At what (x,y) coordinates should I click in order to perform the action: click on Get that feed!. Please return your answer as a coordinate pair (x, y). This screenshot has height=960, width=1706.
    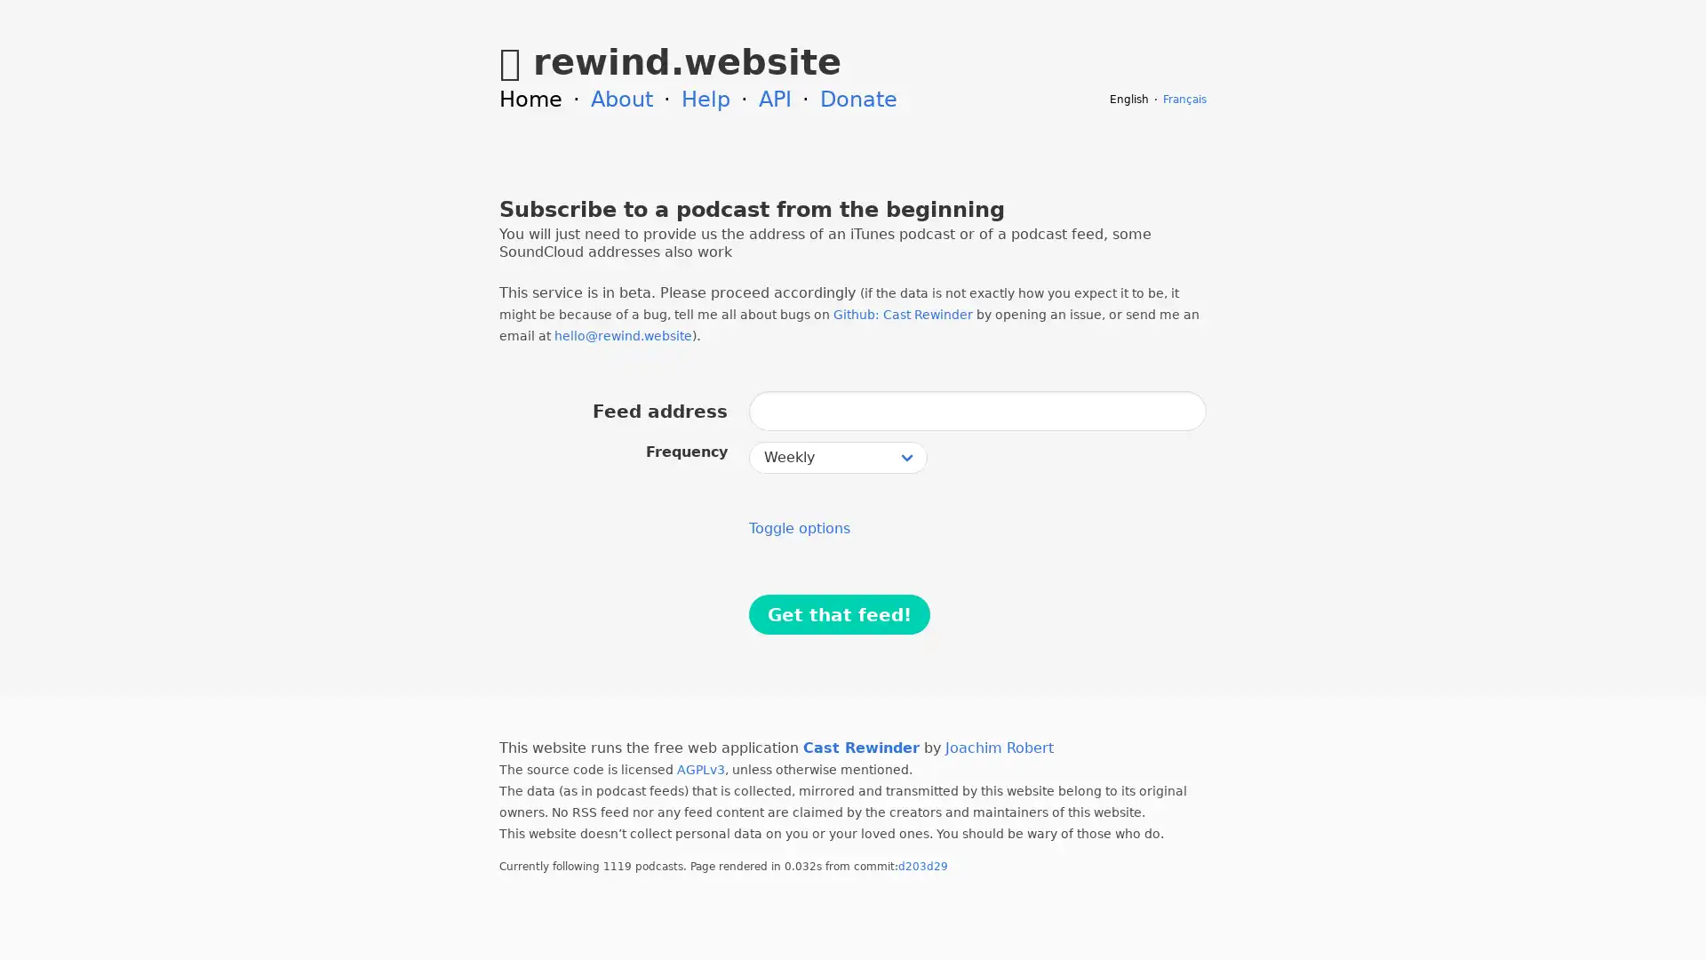
    Looking at the image, I should click on (839, 613).